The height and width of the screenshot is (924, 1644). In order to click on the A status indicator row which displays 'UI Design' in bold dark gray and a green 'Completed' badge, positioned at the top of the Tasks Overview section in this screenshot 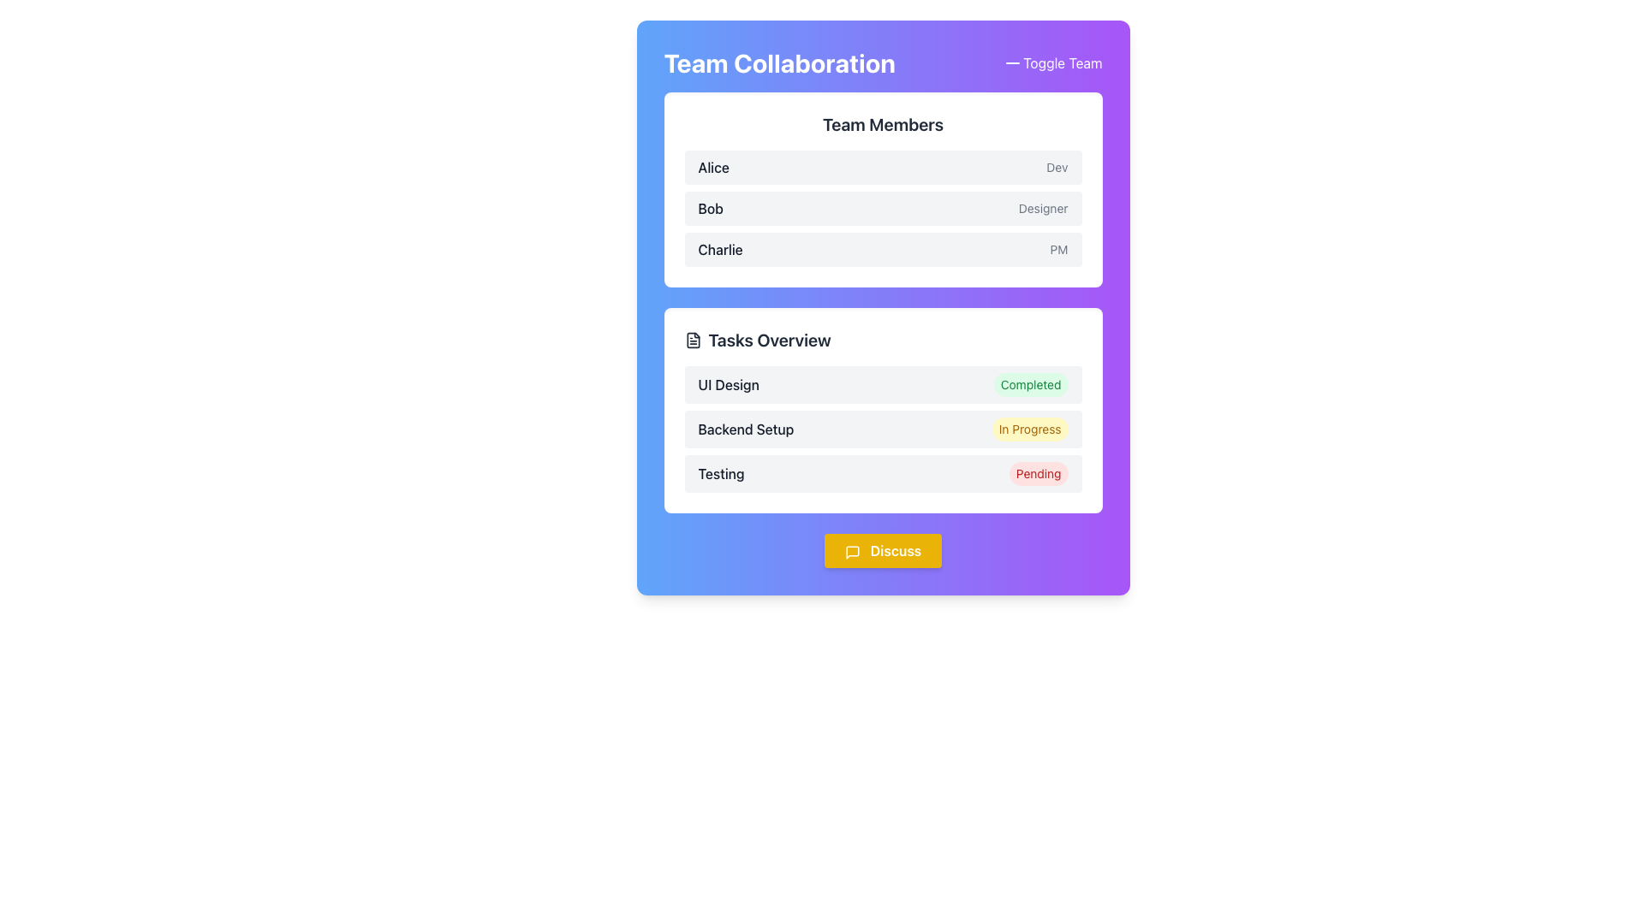, I will do `click(883, 385)`.